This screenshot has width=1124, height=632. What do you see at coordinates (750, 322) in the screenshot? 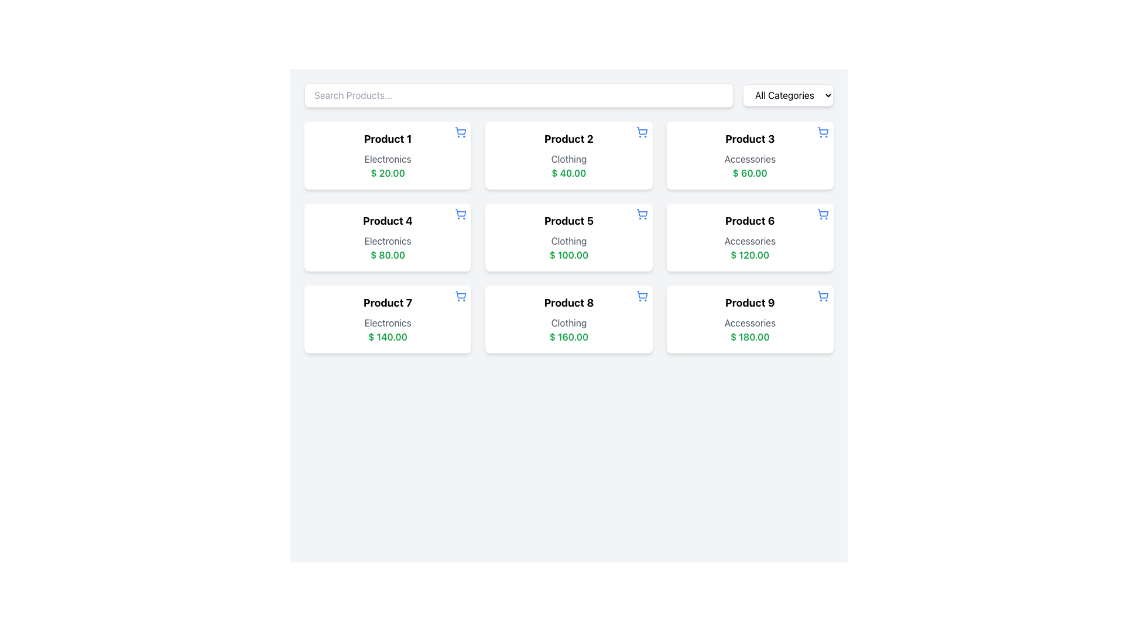
I see `the 'Accessories' text label displayed in light gray within the product card for 'Product 9', located beneath the title and above the price information` at bounding box center [750, 322].